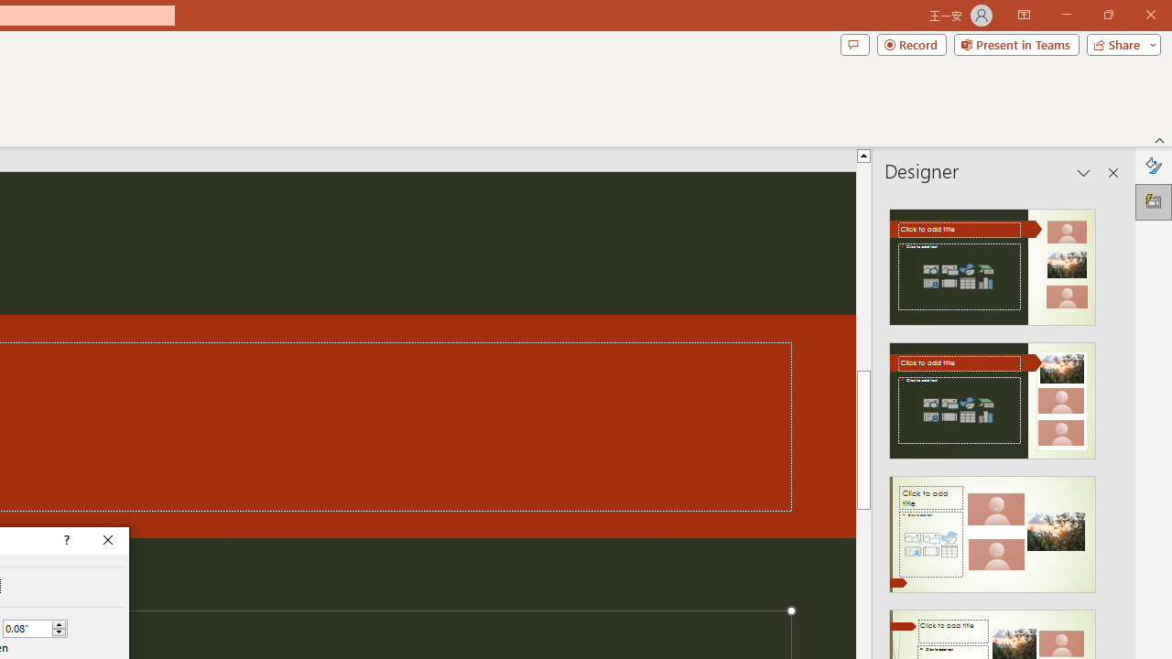 This screenshot has height=659, width=1172. Describe the element at coordinates (35, 627) in the screenshot. I see `'Custom Spacing'` at that location.